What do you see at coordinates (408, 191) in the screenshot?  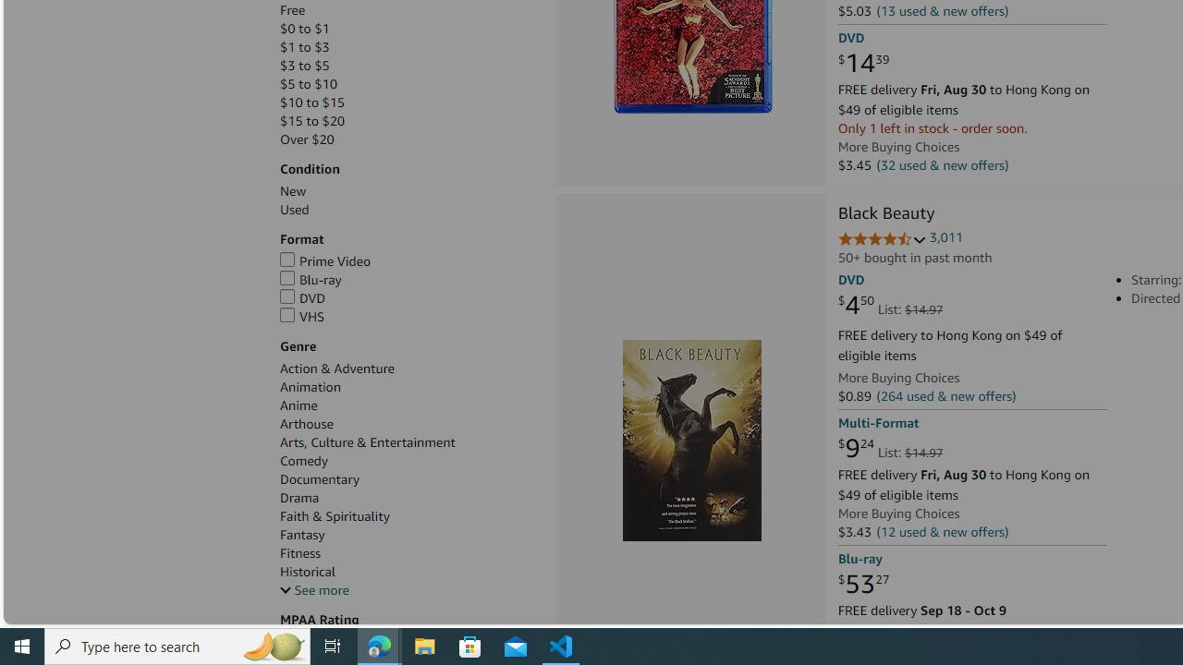 I see `'New'` at bounding box center [408, 191].